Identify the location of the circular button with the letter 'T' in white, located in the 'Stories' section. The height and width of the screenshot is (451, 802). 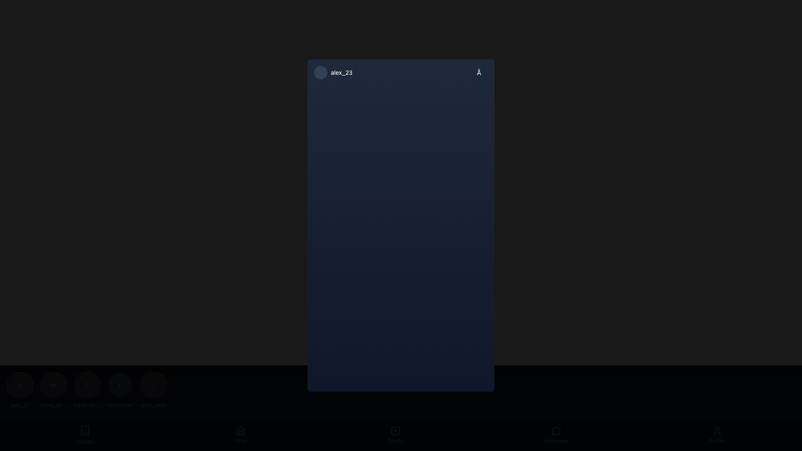
(86, 385).